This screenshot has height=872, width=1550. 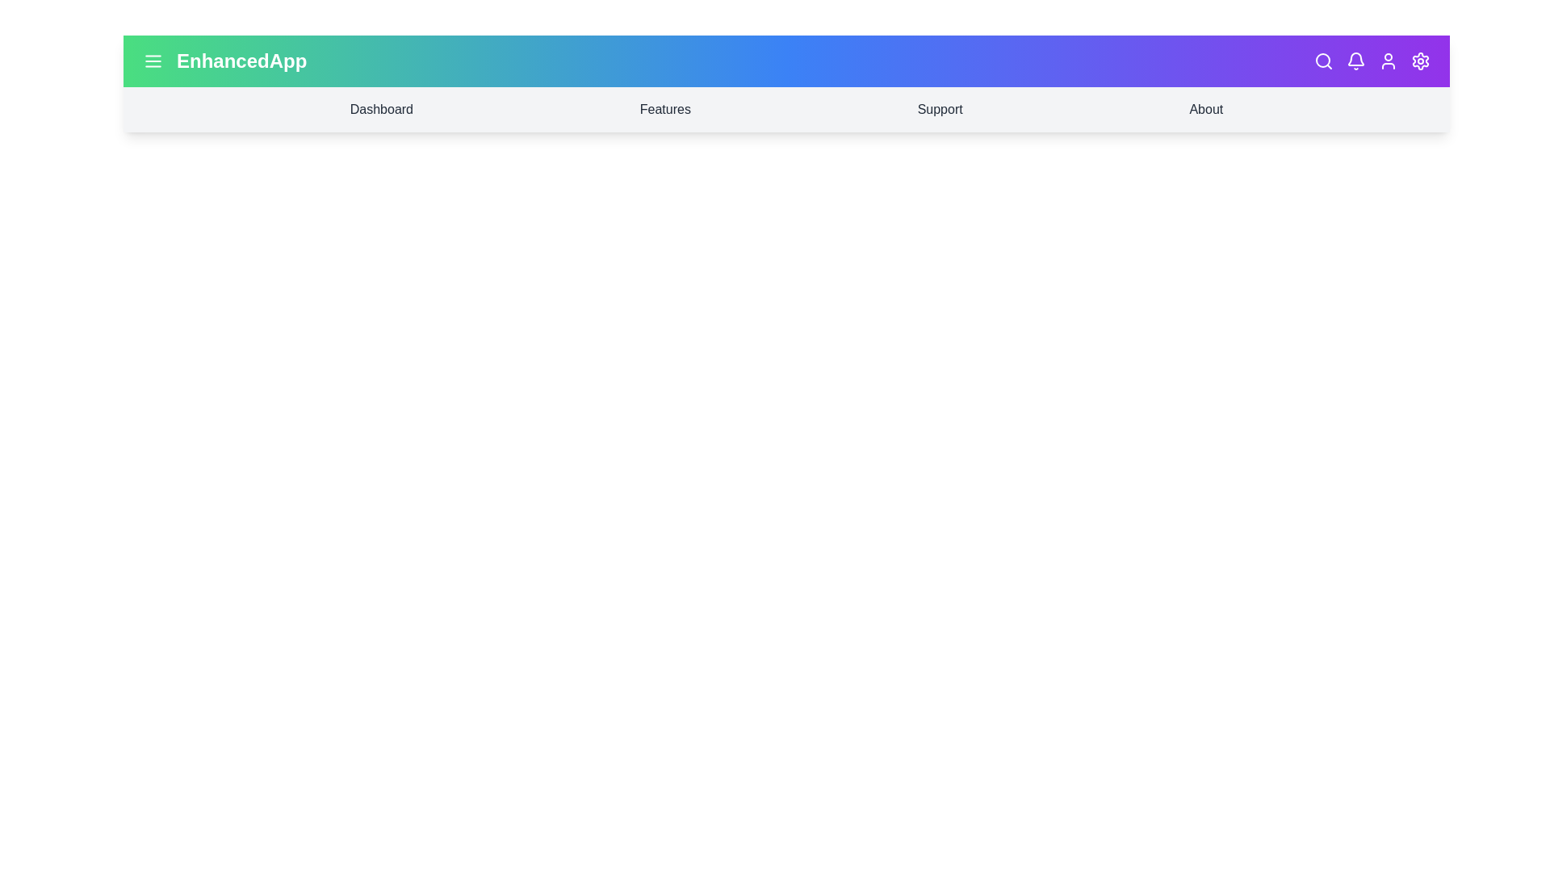 I want to click on the menu item labeled Features to navigate to the corresponding section, so click(x=665, y=109).